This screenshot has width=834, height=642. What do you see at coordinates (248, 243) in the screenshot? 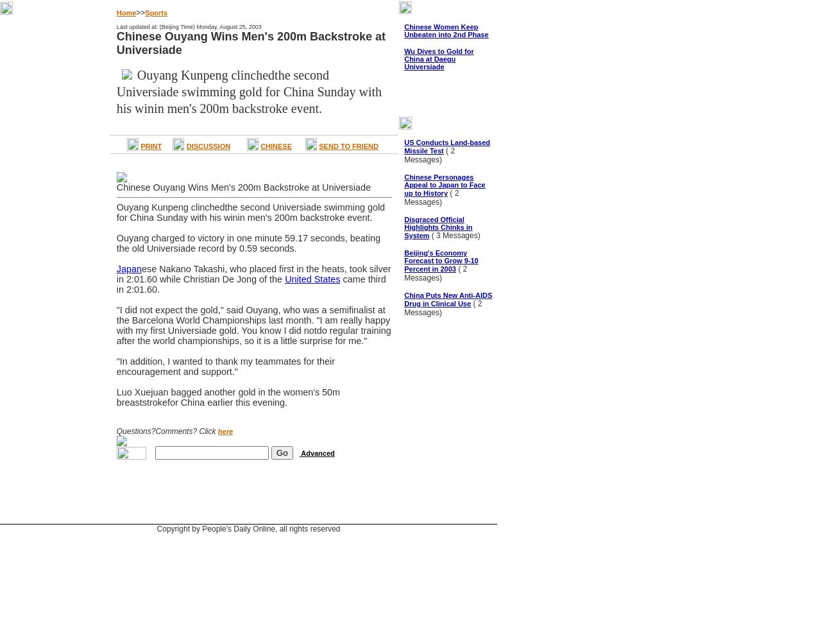
I see `'Ouyang charged to victory in one minute 59.17 seconds, beating the old Universiade record by 0.59 seconds.'` at bounding box center [248, 243].